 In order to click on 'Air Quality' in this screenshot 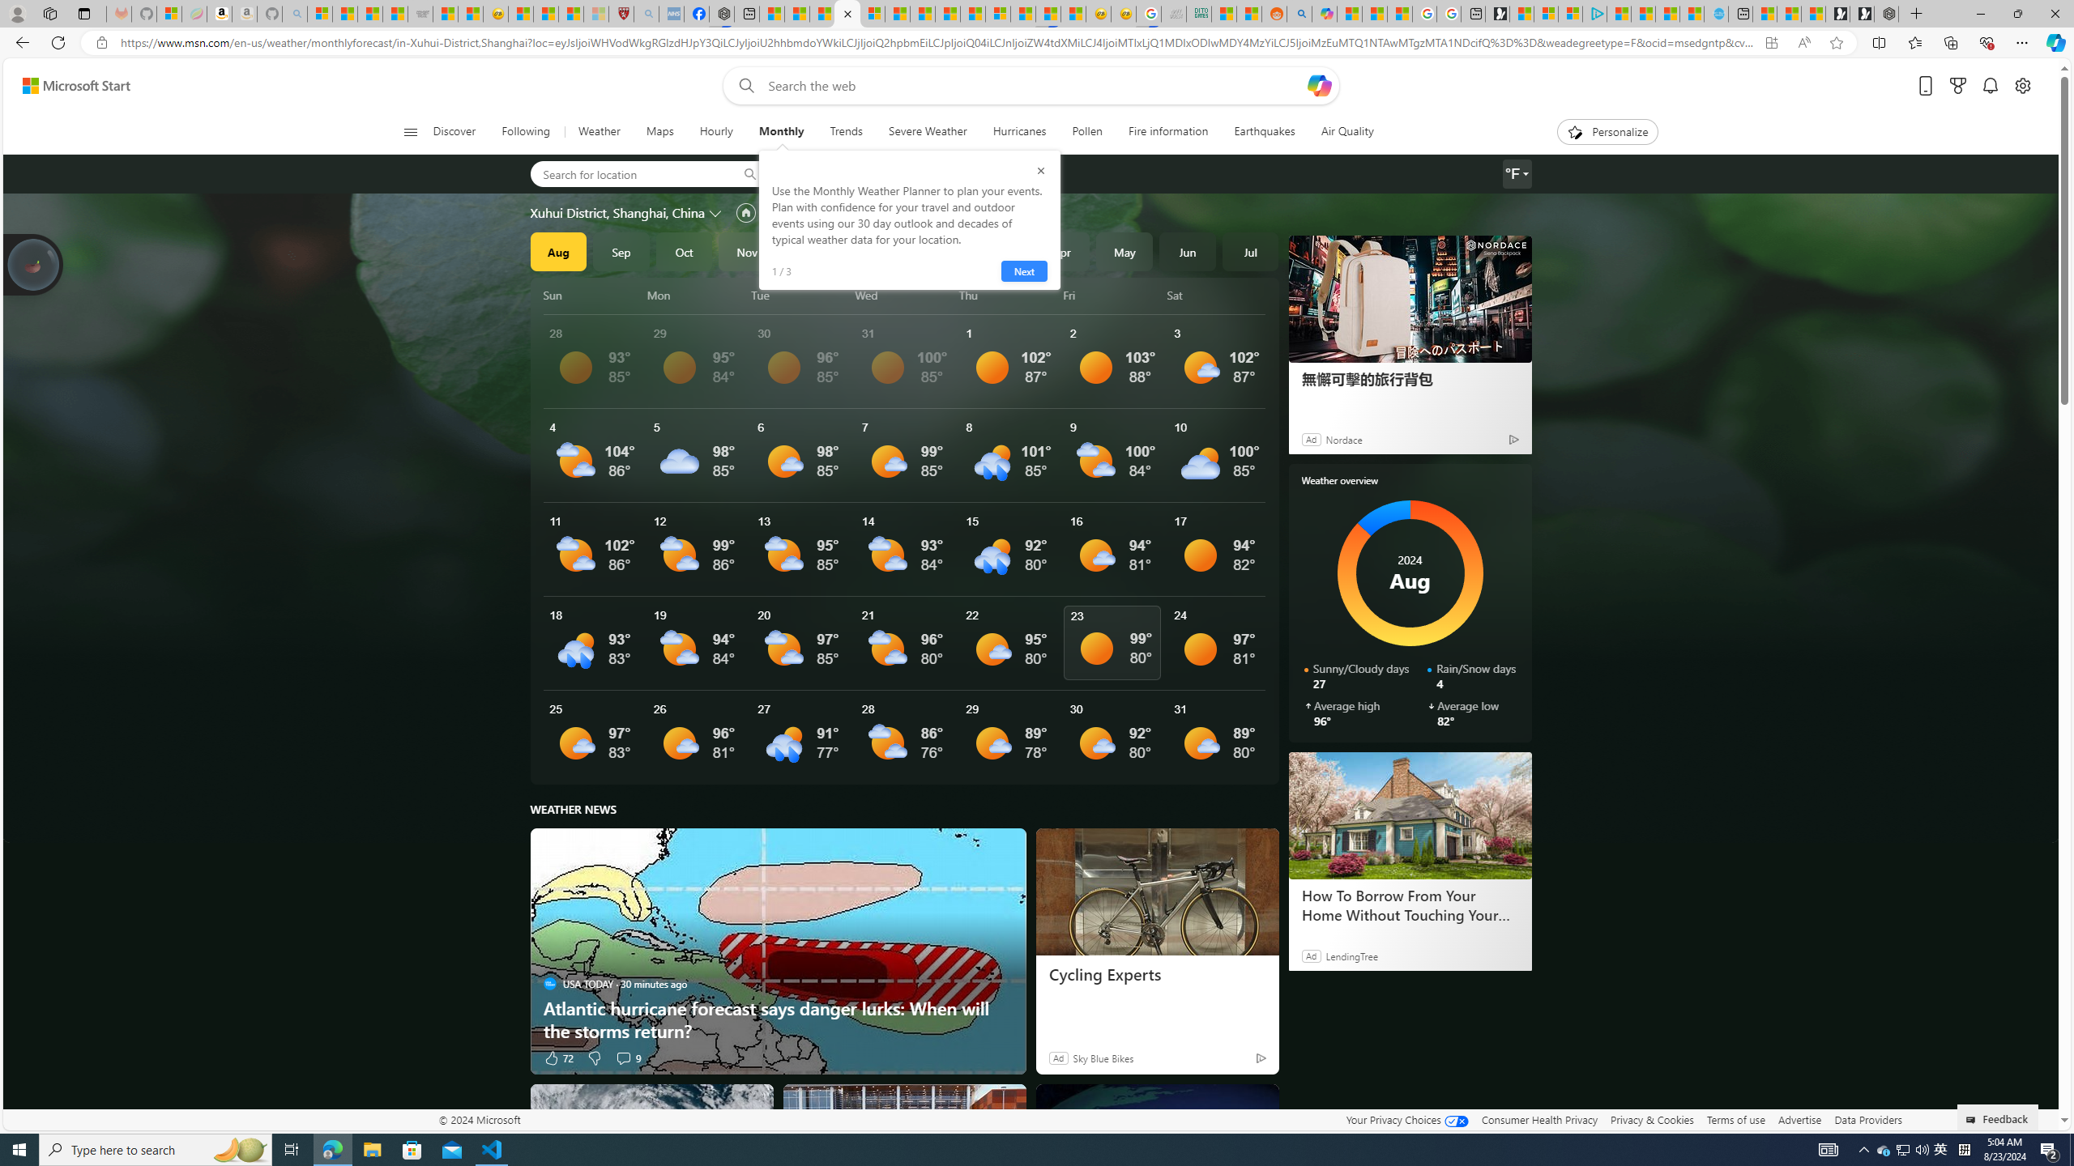, I will do `click(1346, 131)`.